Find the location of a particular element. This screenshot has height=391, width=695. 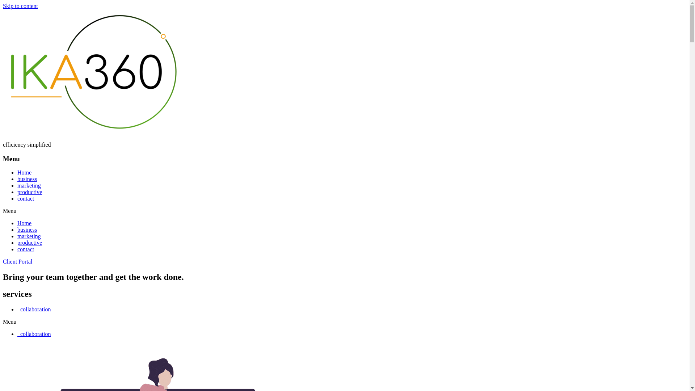

'  collaboration' is located at coordinates (17, 334).